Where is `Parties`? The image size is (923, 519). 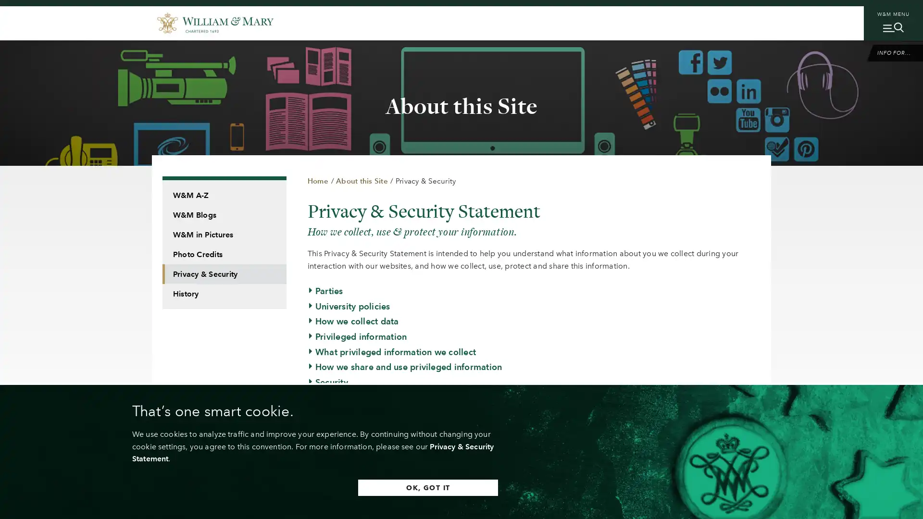 Parties is located at coordinates (325, 290).